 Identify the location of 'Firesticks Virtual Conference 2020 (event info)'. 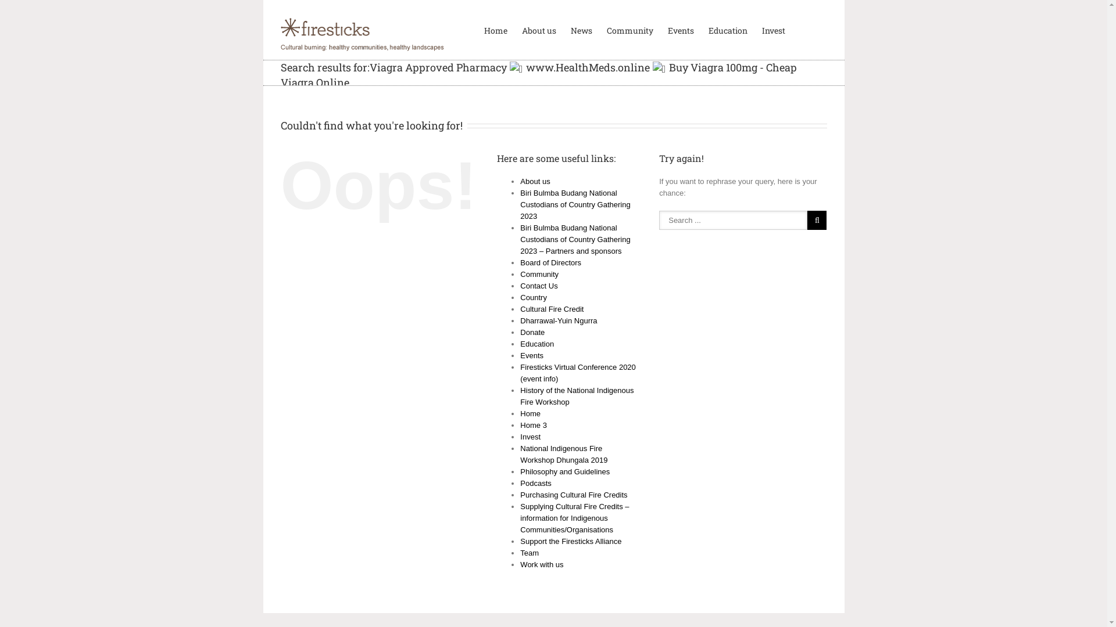
(519, 373).